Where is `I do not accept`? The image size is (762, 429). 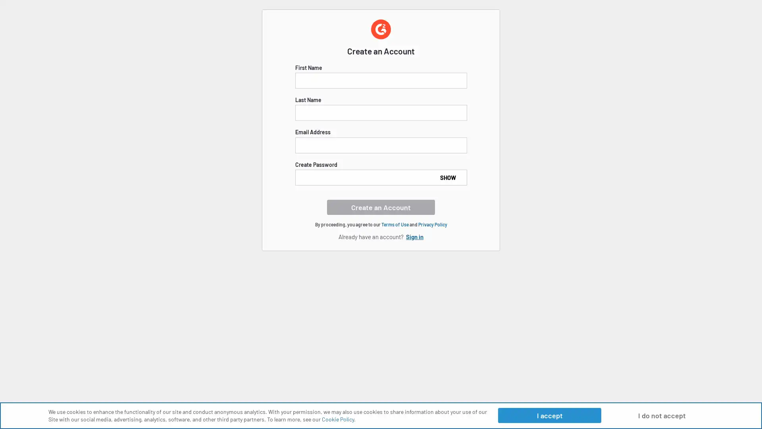
I do not accept is located at coordinates (662, 415).